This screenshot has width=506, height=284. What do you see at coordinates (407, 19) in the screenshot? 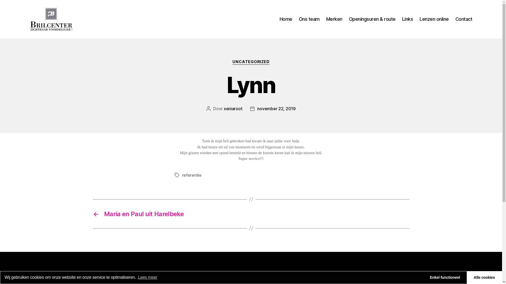
I see `'Links'` at bounding box center [407, 19].